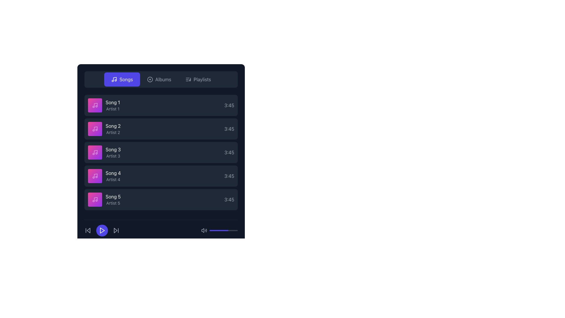 Image resolution: width=565 pixels, height=318 pixels. What do you see at coordinates (95, 105) in the screenshot?
I see `the icon that represents the first song in the playlist, located directly to the left of the text 'Song 1' and 'Artist 1'` at bounding box center [95, 105].